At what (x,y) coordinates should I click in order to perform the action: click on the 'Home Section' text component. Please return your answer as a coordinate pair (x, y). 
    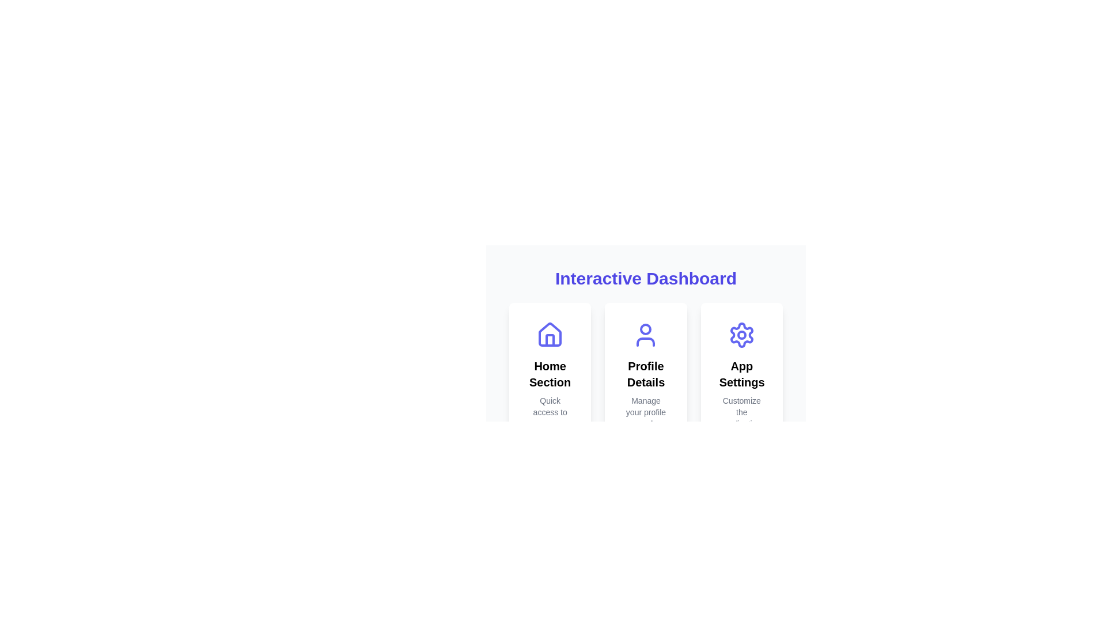
    Looking at the image, I should click on (550, 374).